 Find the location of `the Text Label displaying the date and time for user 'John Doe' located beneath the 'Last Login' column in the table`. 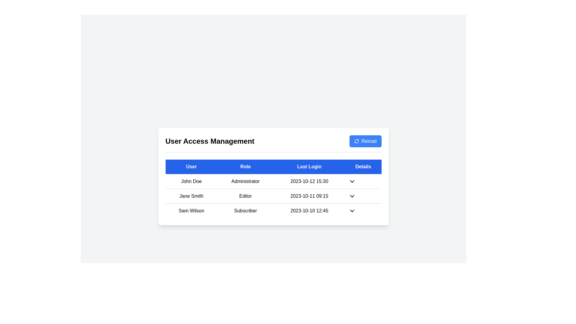

the Text Label displaying the date and time for user 'John Doe' located beneath the 'Last Login' column in the table is located at coordinates (309, 181).